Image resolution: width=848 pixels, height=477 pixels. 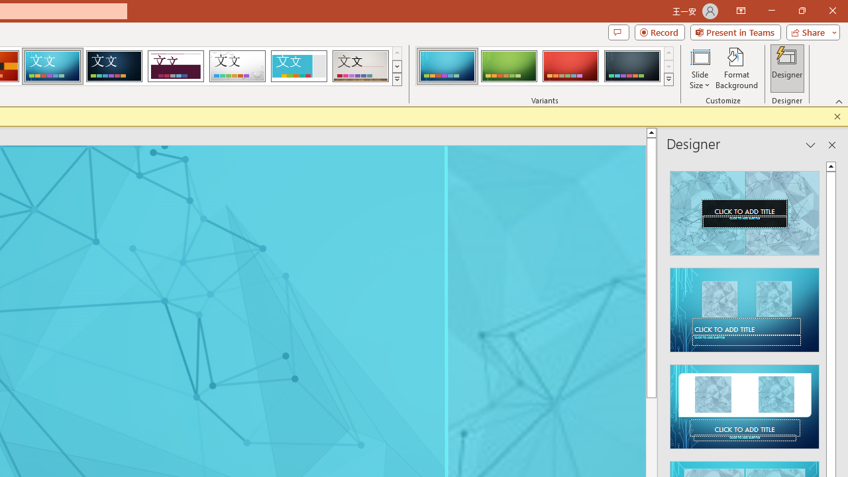 I want to click on 'Recommended Design: Design Idea', so click(x=745, y=209).